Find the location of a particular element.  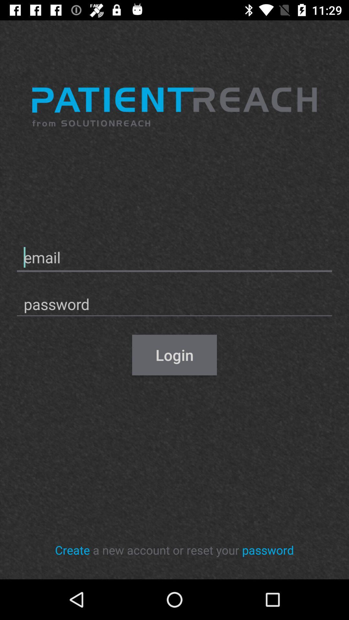

the create icon is located at coordinates (72, 550).